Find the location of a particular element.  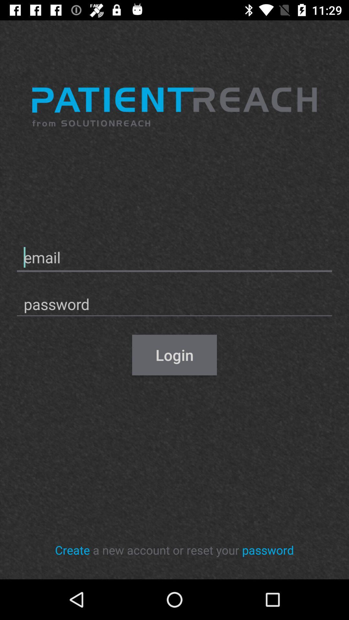

the create icon is located at coordinates (72, 550).